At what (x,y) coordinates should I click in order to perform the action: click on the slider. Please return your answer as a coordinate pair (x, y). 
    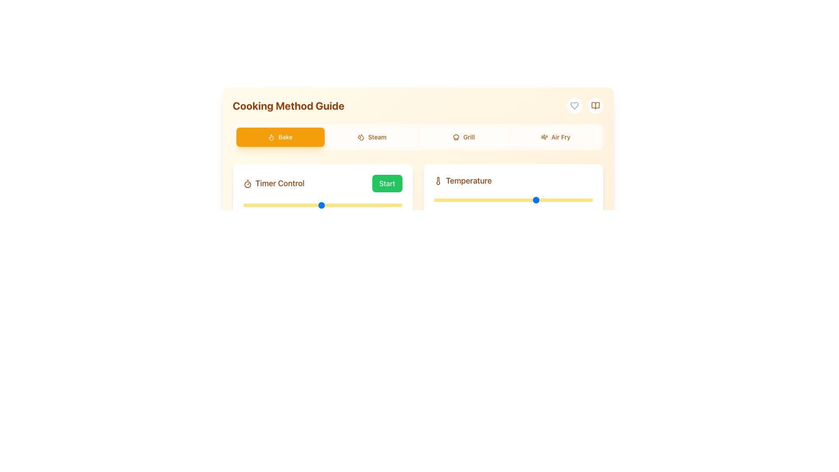
    Looking at the image, I should click on (457, 200).